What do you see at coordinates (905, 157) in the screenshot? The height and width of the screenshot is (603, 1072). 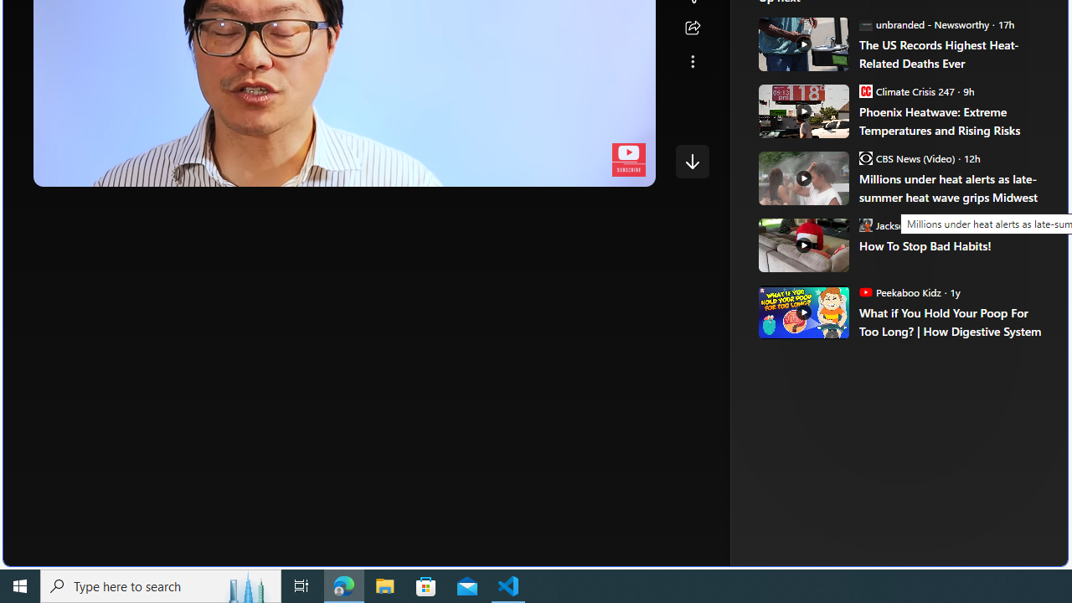 I see `'CBS News (Video) CBS News (Video)'` at bounding box center [905, 157].